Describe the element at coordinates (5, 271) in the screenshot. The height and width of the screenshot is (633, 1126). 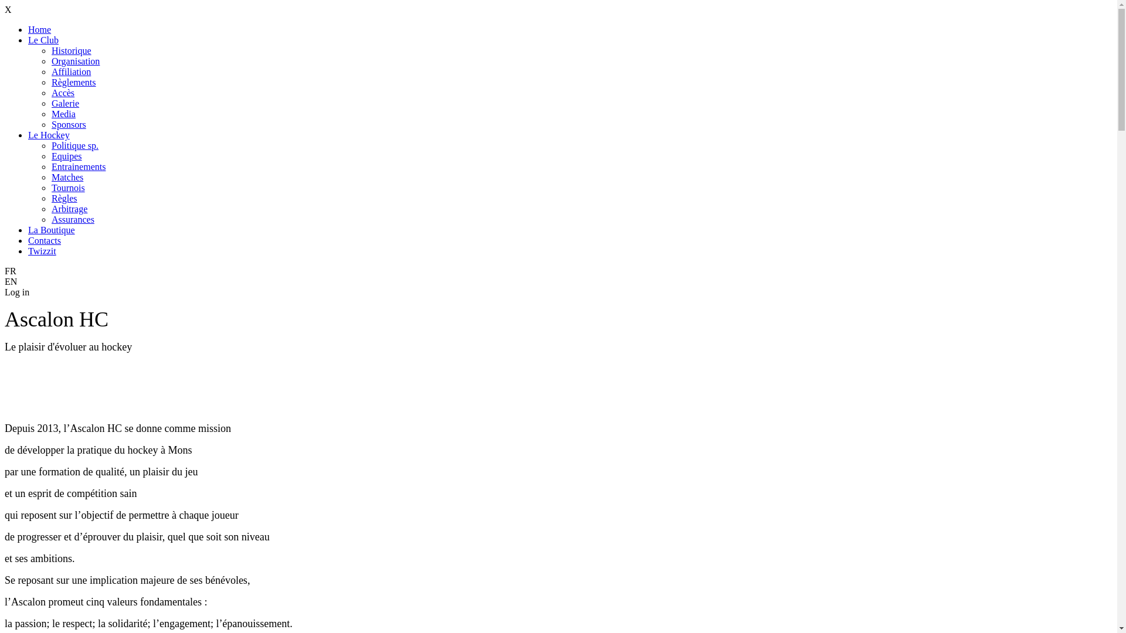
I see `'FR'` at that location.